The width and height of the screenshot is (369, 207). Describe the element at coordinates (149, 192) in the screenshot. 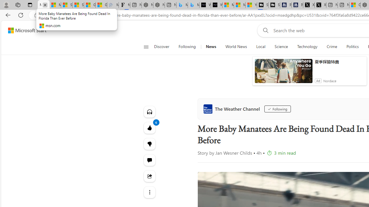

I see `'See more'` at that location.